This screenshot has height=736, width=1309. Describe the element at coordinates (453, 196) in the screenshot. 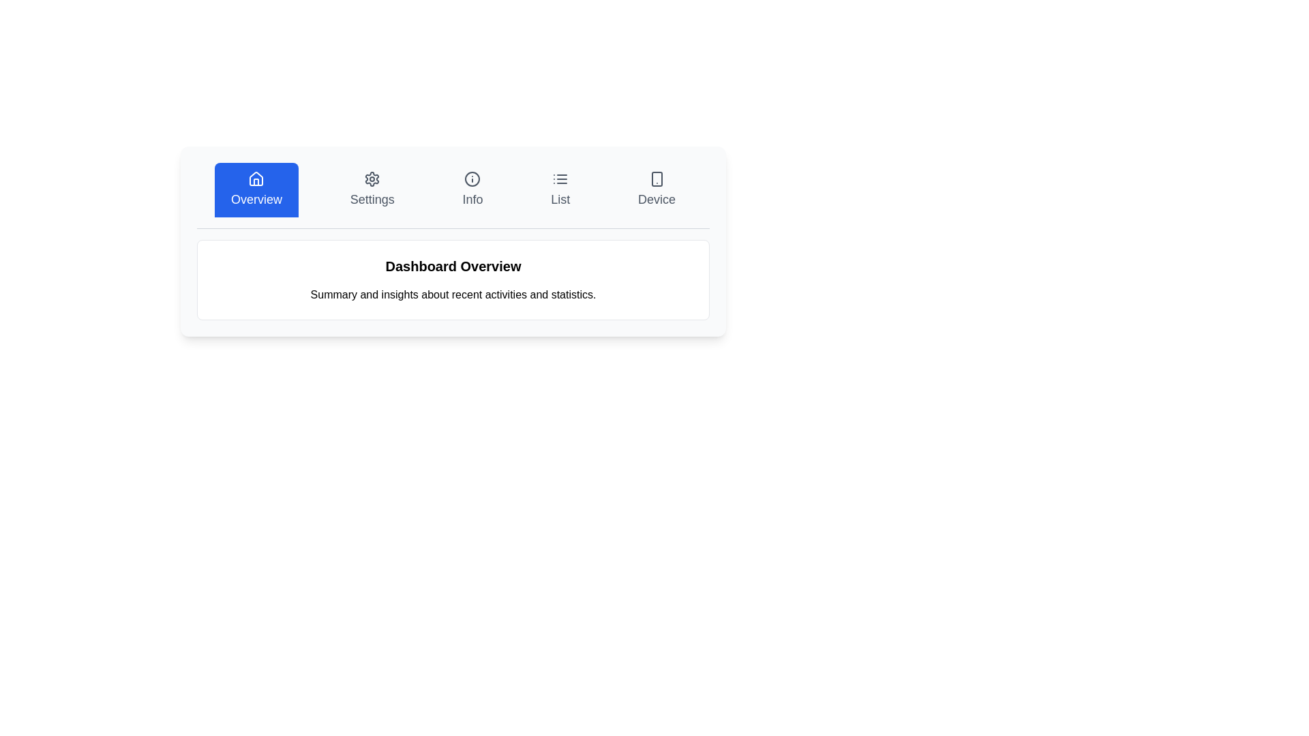

I see `any option in the Navigation bar located at the top section just above the 'Dashboard Overview' title` at that location.